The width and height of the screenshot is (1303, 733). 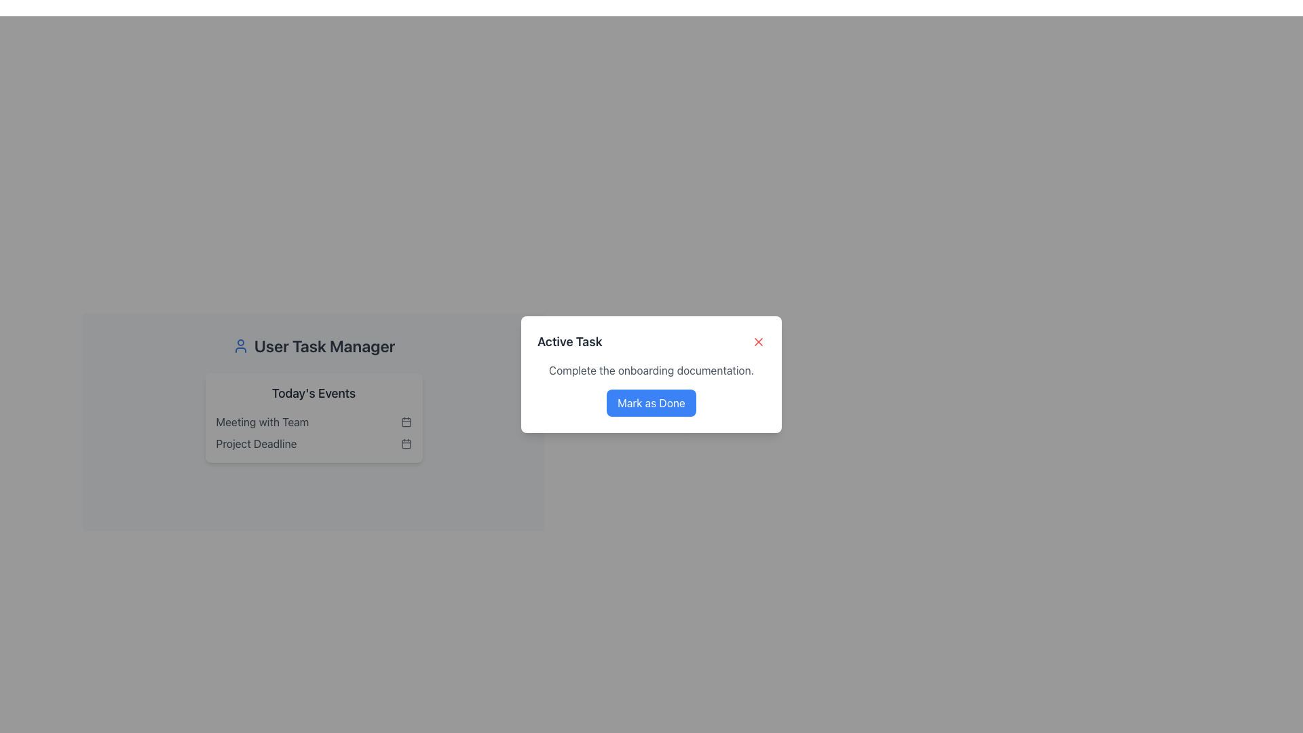 What do you see at coordinates (569, 341) in the screenshot?
I see `text heading located at the top of the modal dialog box, which provides context about its contents` at bounding box center [569, 341].